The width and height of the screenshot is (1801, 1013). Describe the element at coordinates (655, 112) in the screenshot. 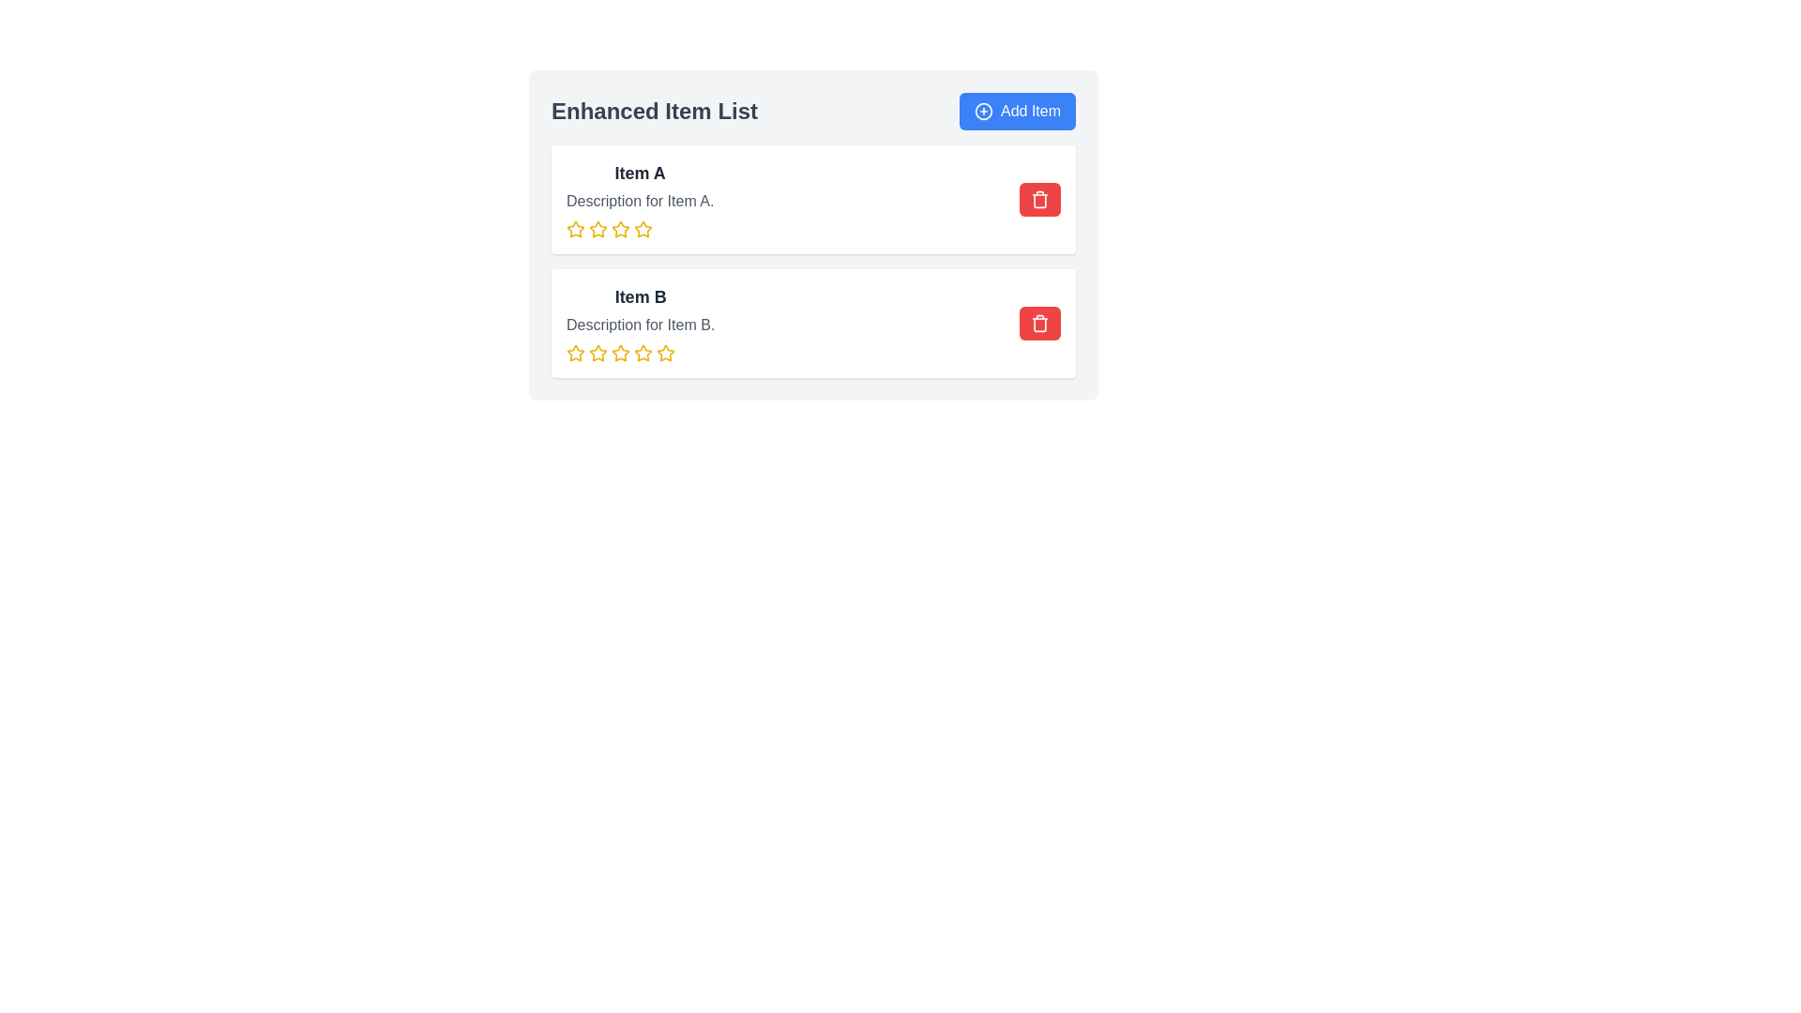

I see `the 'Enhanced Item List' text header, which is styled in bold and enlarged font, located at the top of the item list component` at that location.